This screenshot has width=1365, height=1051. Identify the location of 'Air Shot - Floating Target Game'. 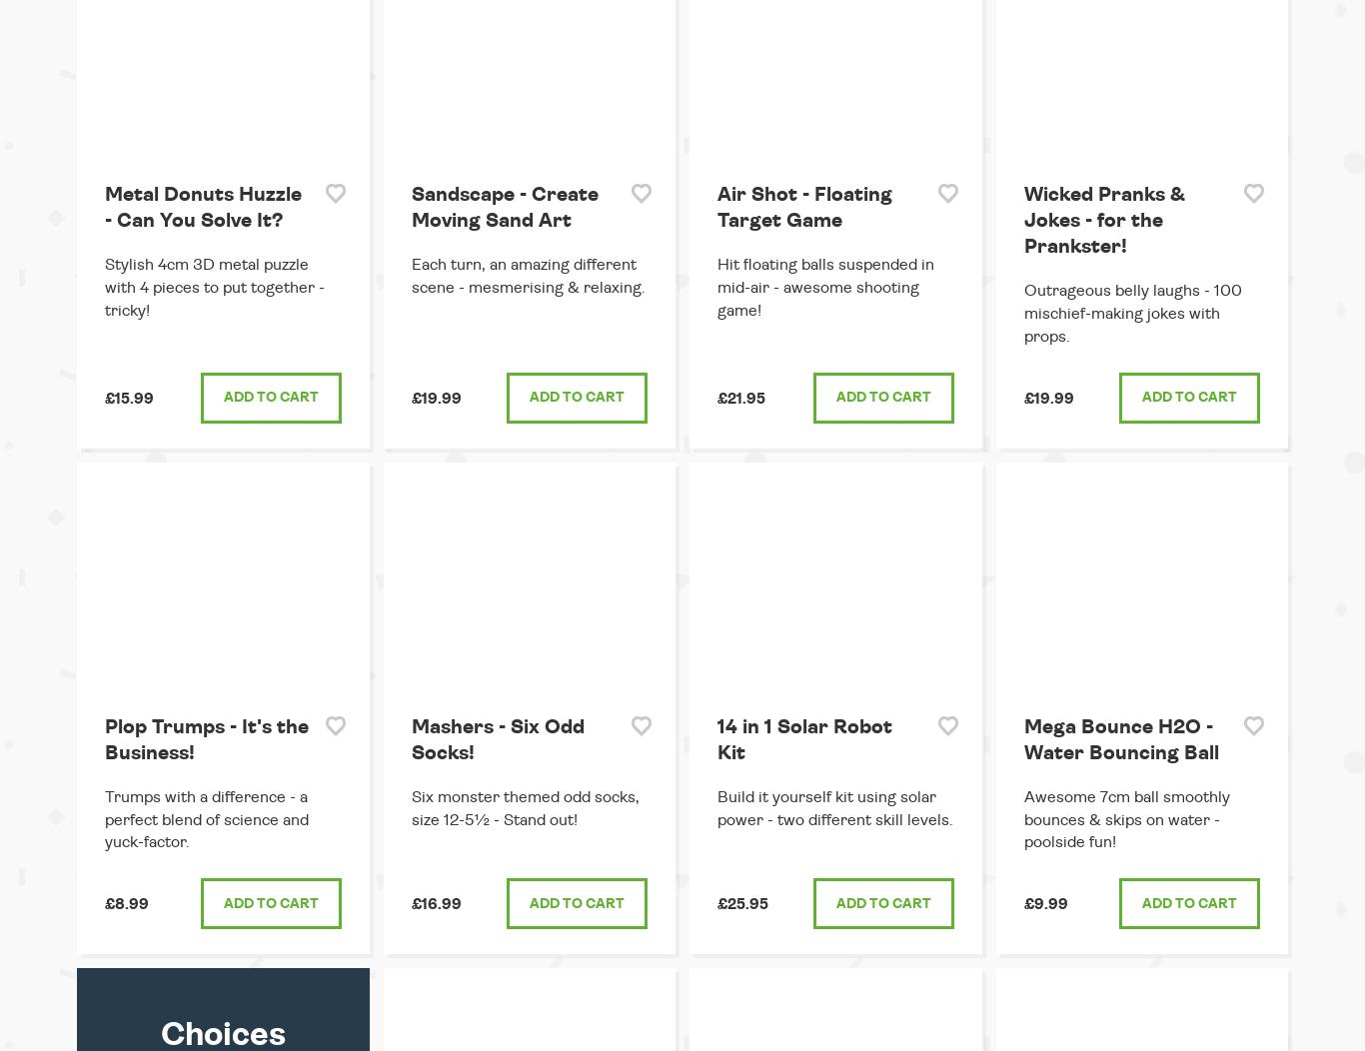
(716, 207).